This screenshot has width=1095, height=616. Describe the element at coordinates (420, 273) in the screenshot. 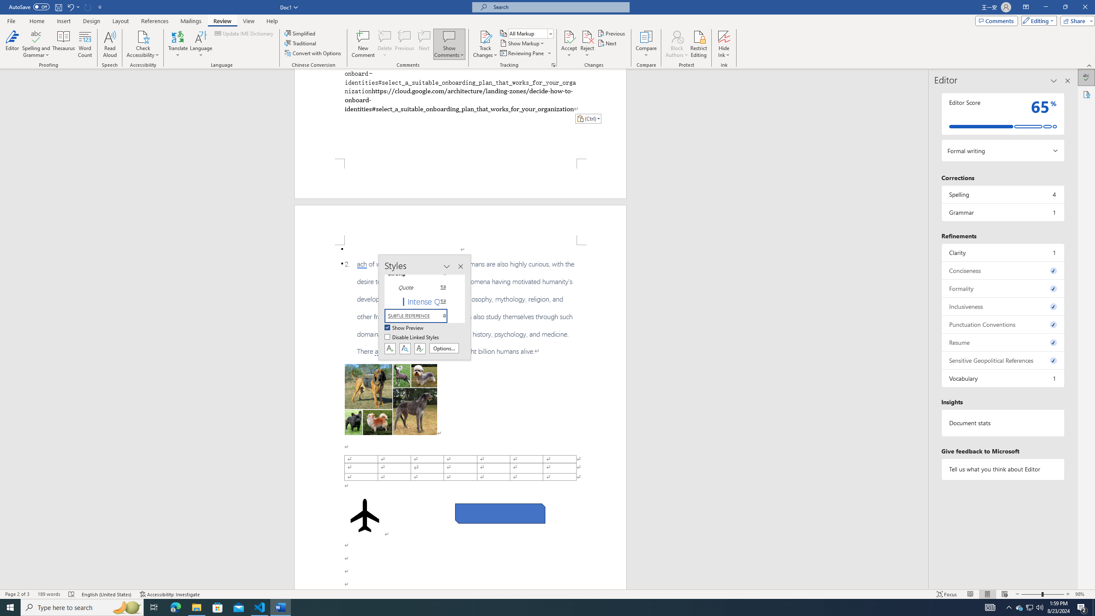

I see `'Strong'` at that location.